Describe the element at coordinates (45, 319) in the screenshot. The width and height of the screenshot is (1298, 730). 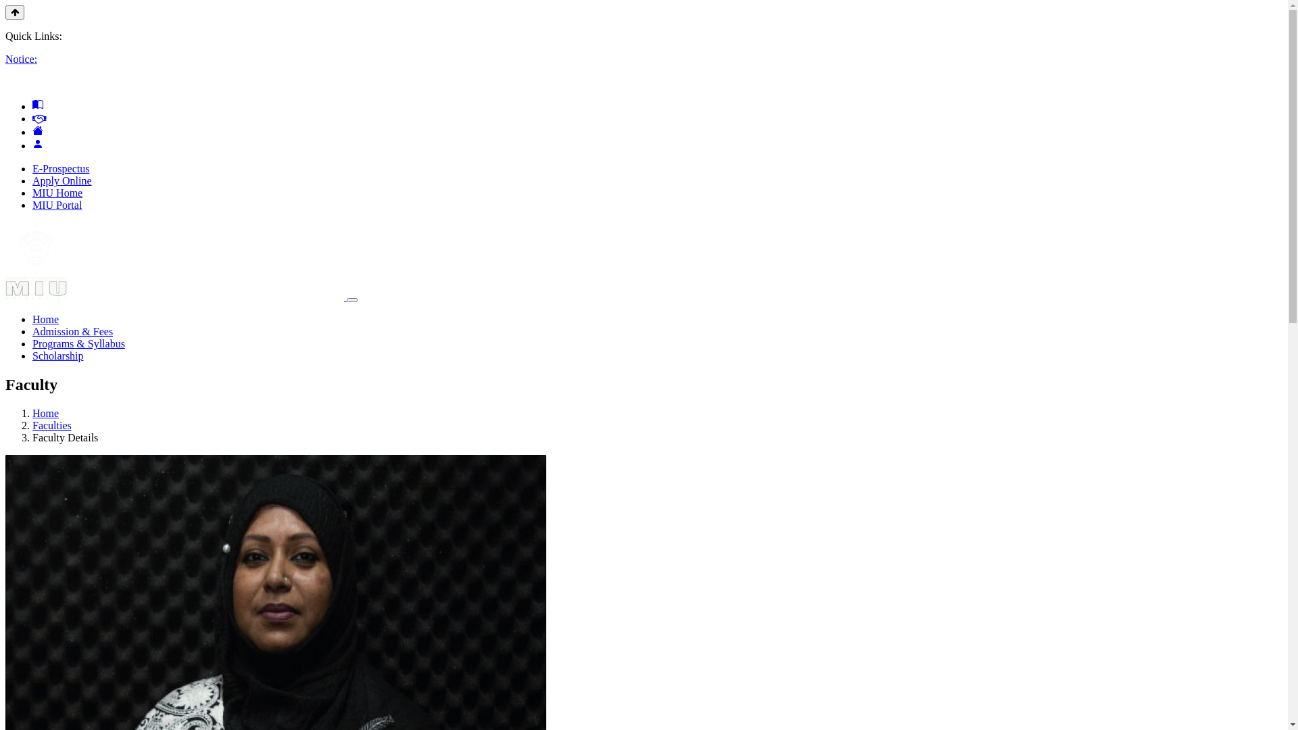
I see `'Home'` at that location.